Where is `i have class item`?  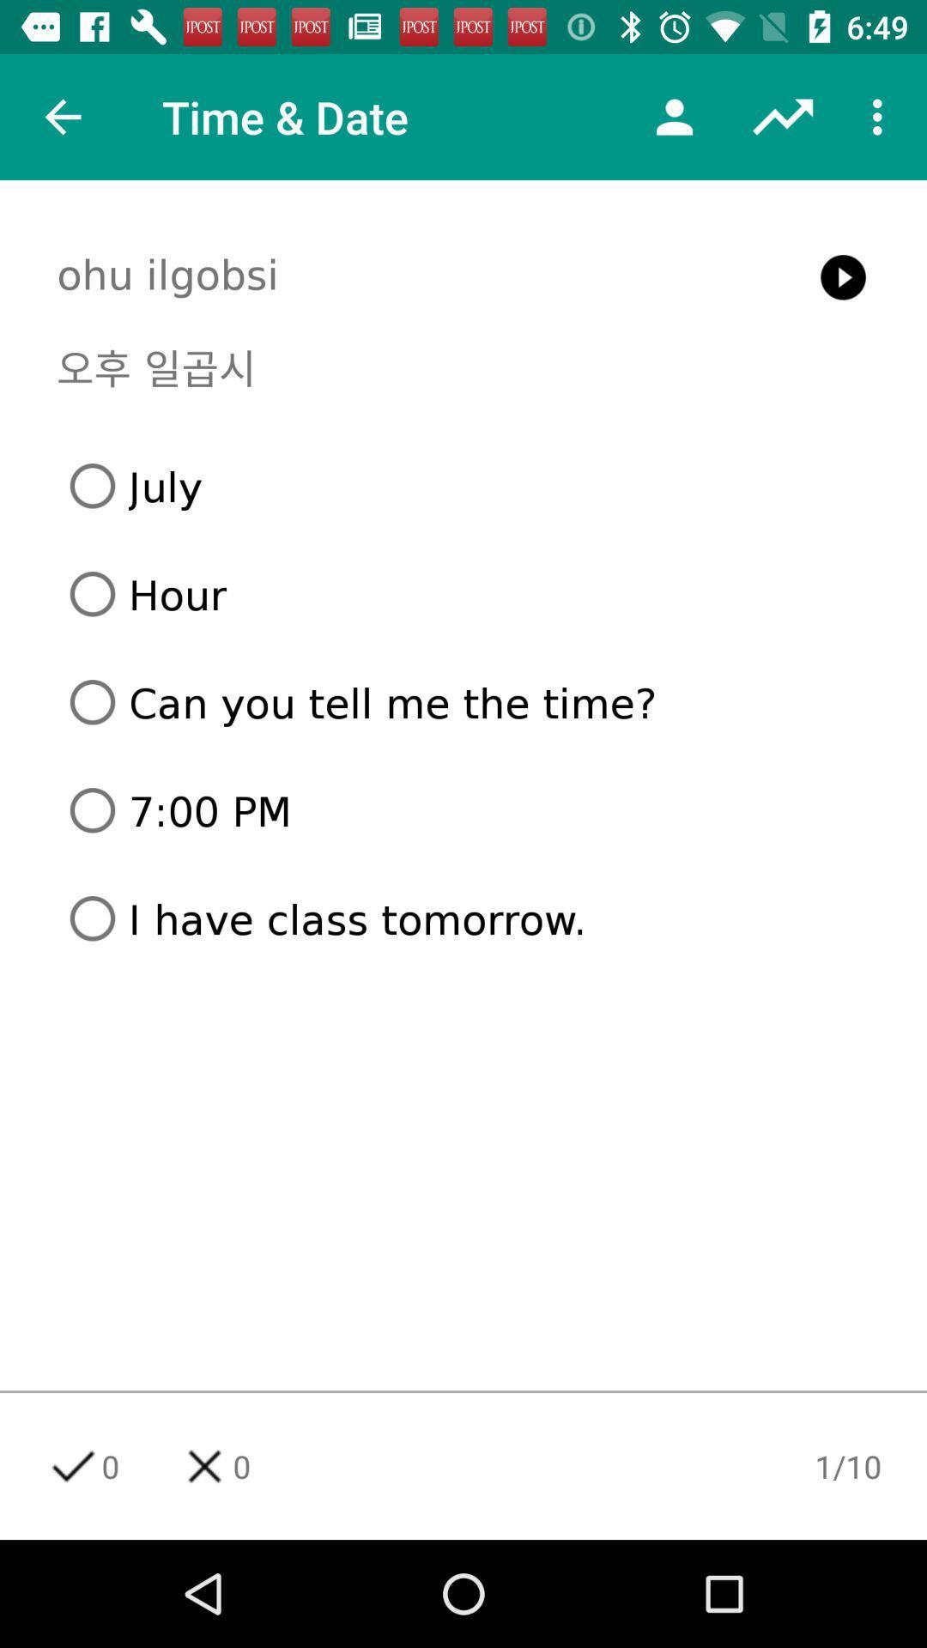
i have class item is located at coordinates (470, 918).